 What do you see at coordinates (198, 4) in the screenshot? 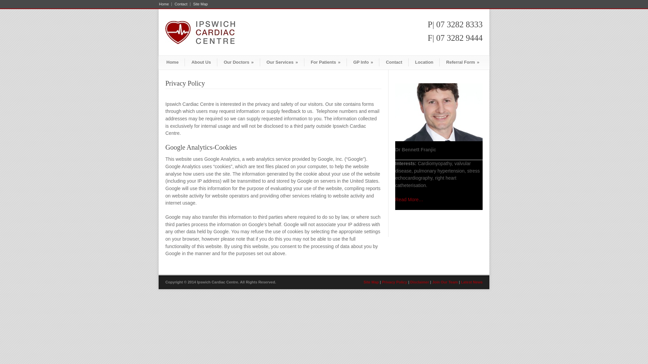
I see `'Site Map'` at bounding box center [198, 4].